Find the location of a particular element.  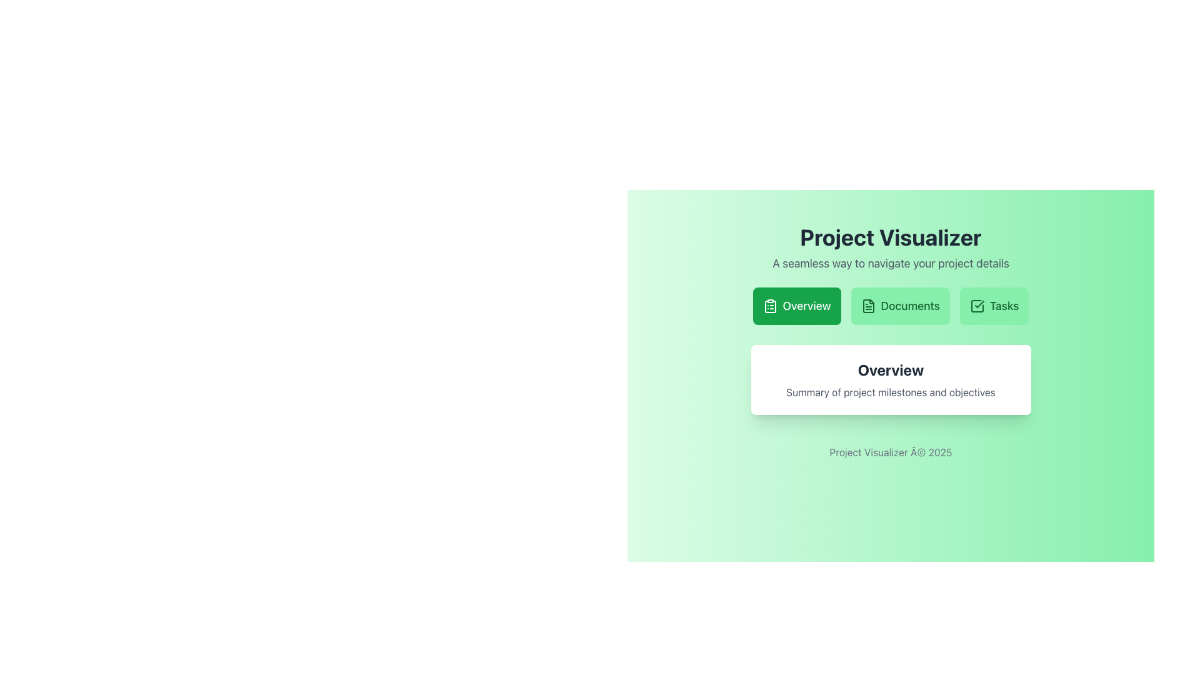

the clipboard icon, which is a green SVG graphic located to the left of the 'Overview' text in the Overview button is located at coordinates (769, 306).